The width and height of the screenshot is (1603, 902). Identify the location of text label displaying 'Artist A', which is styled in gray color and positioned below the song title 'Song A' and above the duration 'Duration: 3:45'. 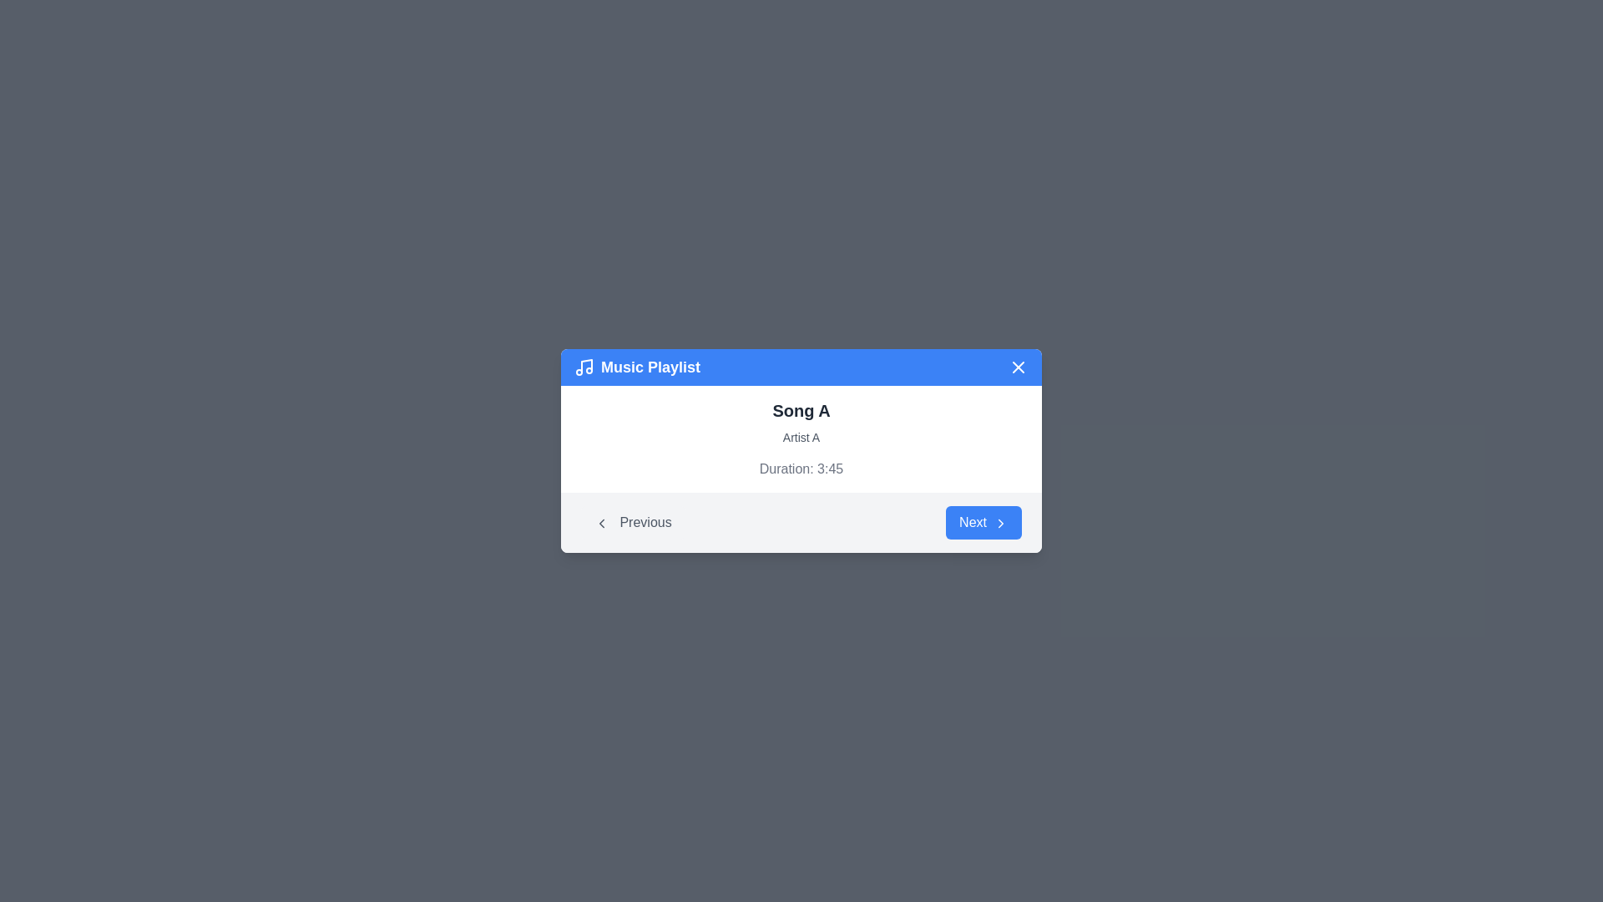
(801, 437).